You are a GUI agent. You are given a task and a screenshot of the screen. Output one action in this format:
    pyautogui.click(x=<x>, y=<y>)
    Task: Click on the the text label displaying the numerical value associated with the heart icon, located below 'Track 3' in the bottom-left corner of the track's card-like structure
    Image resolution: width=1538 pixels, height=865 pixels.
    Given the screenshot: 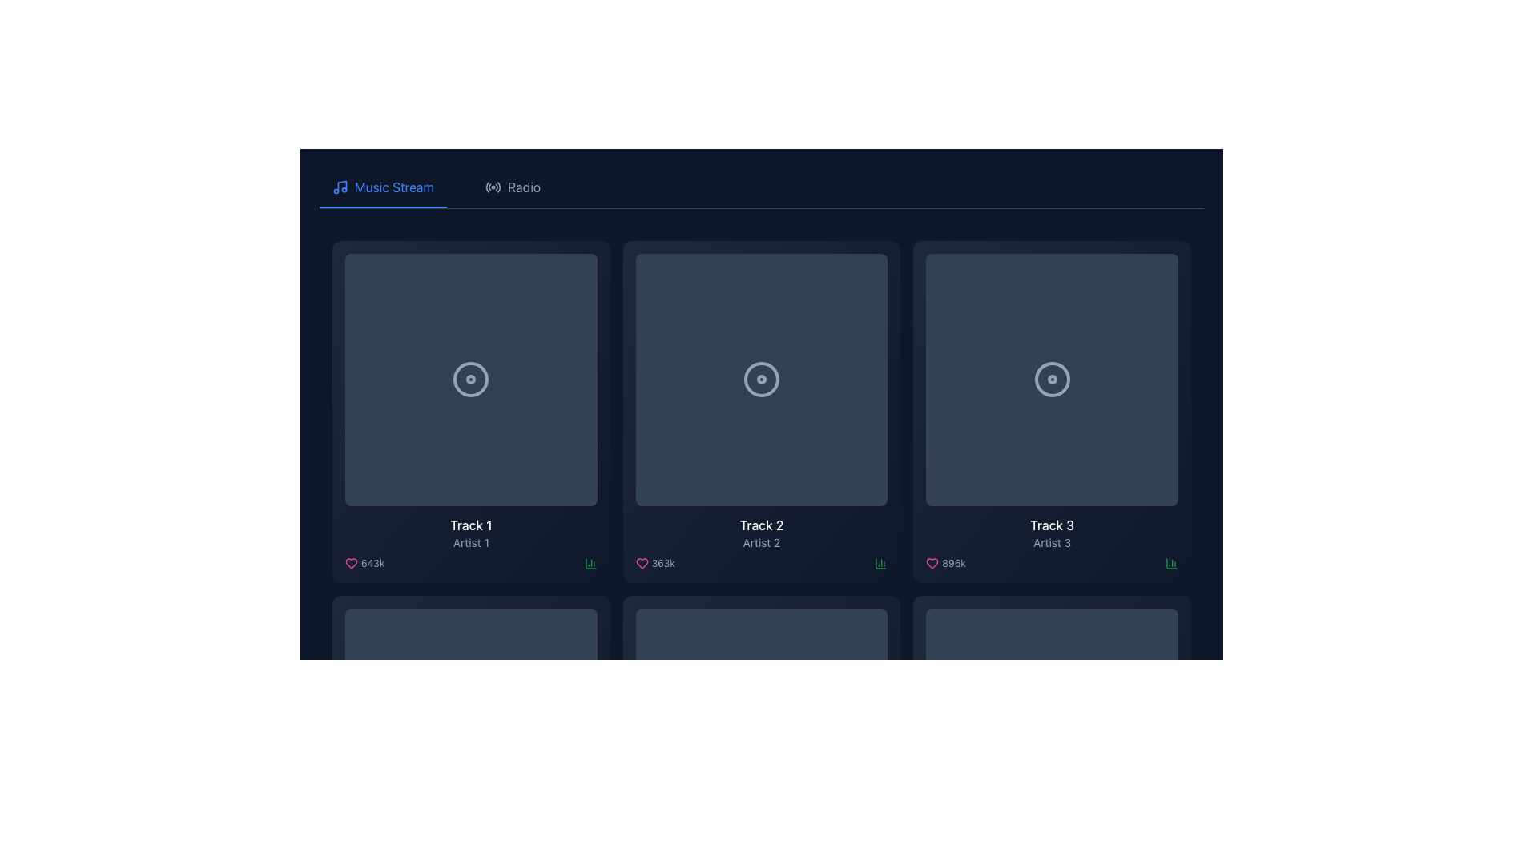 What is the action you would take?
    pyautogui.click(x=953, y=562)
    